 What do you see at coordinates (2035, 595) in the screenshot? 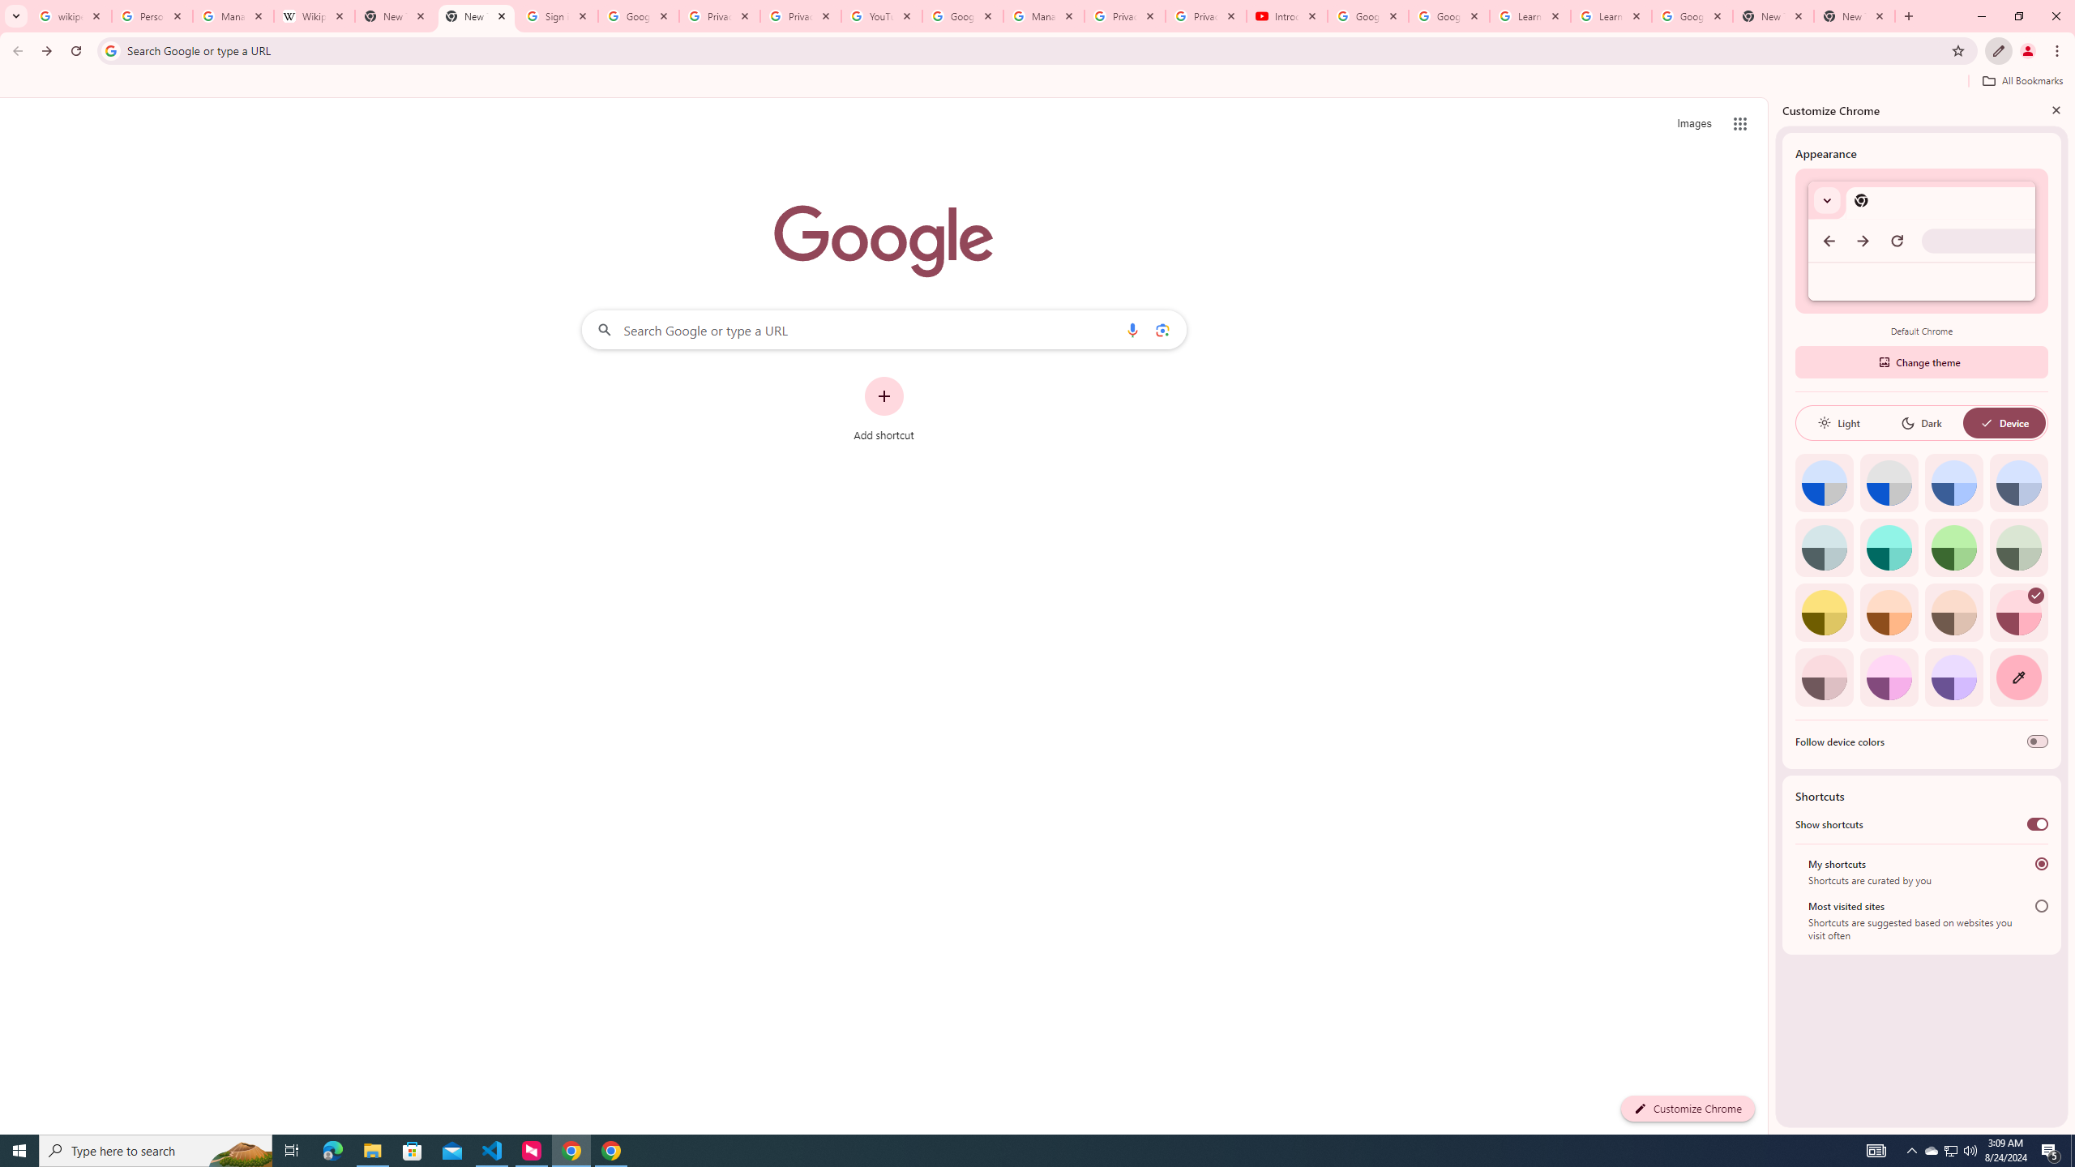
I see `'AutomationID: svg'` at bounding box center [2035, 595].